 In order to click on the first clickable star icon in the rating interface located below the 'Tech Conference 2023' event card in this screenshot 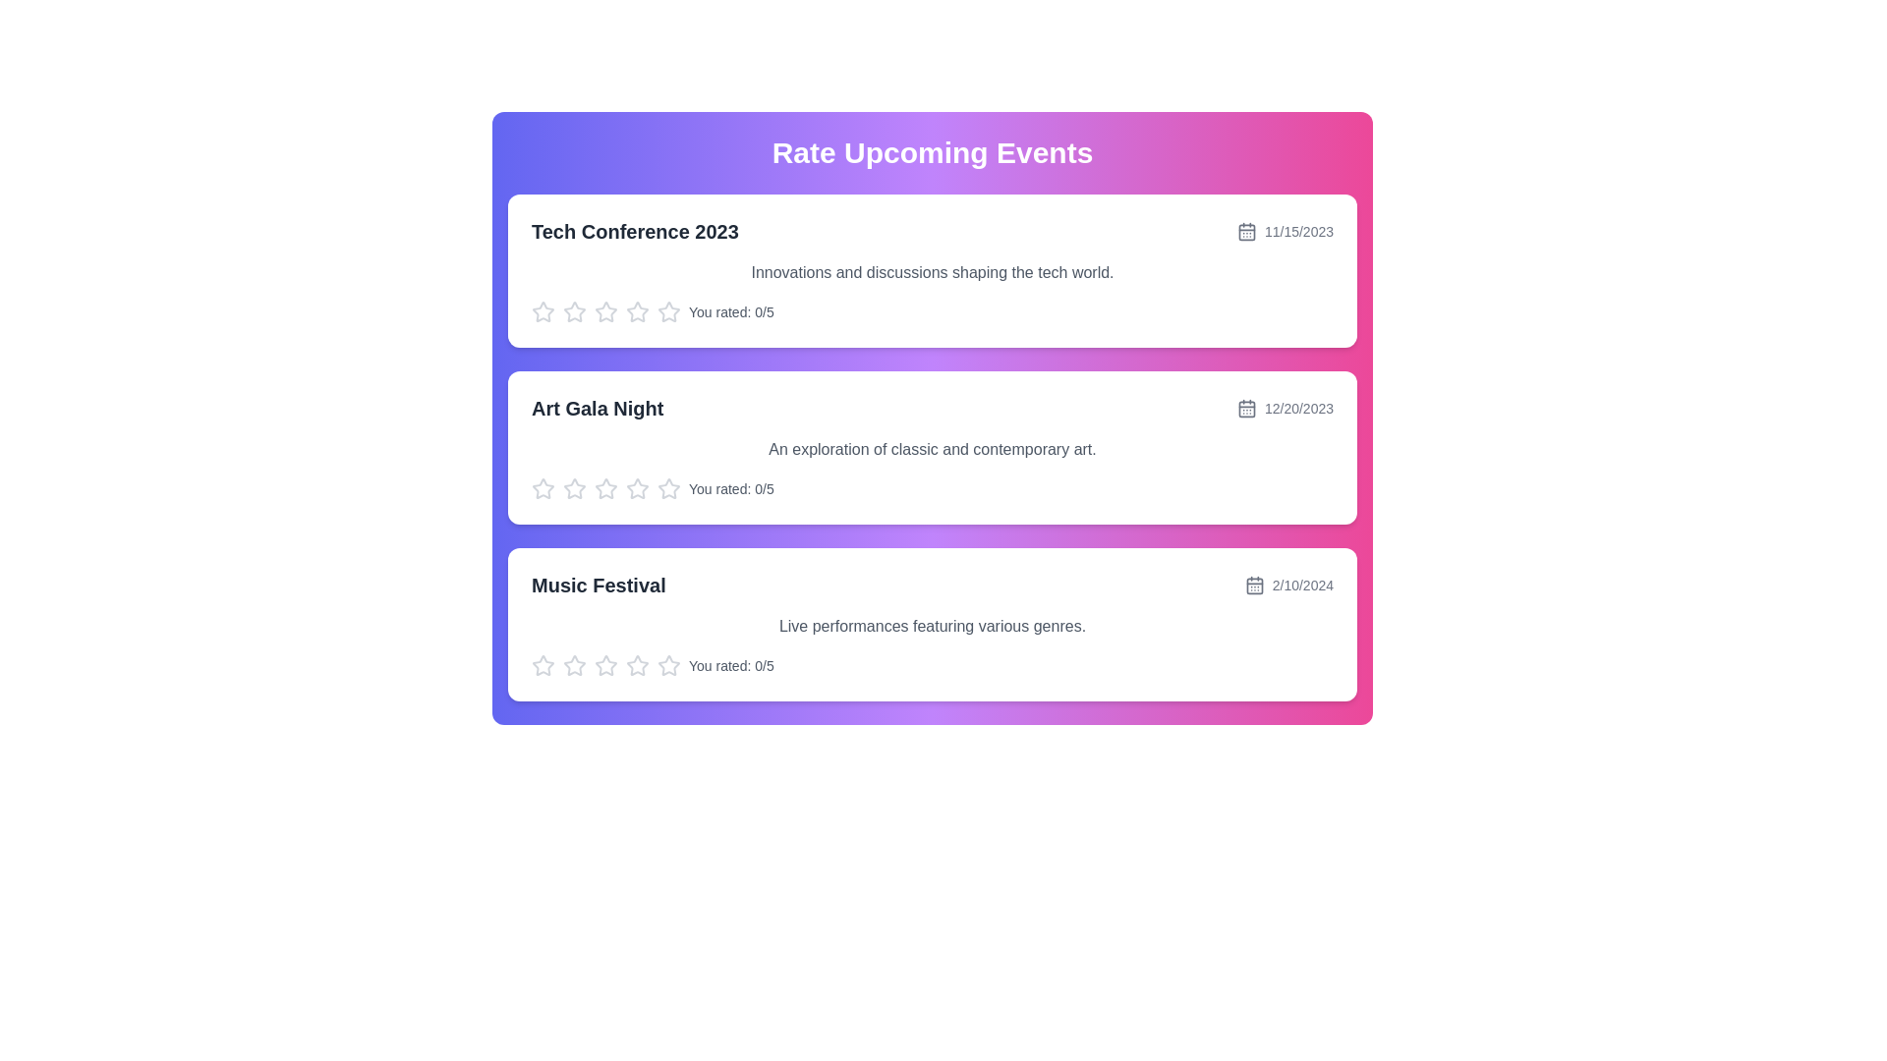, I will do `click(543, 310)`.